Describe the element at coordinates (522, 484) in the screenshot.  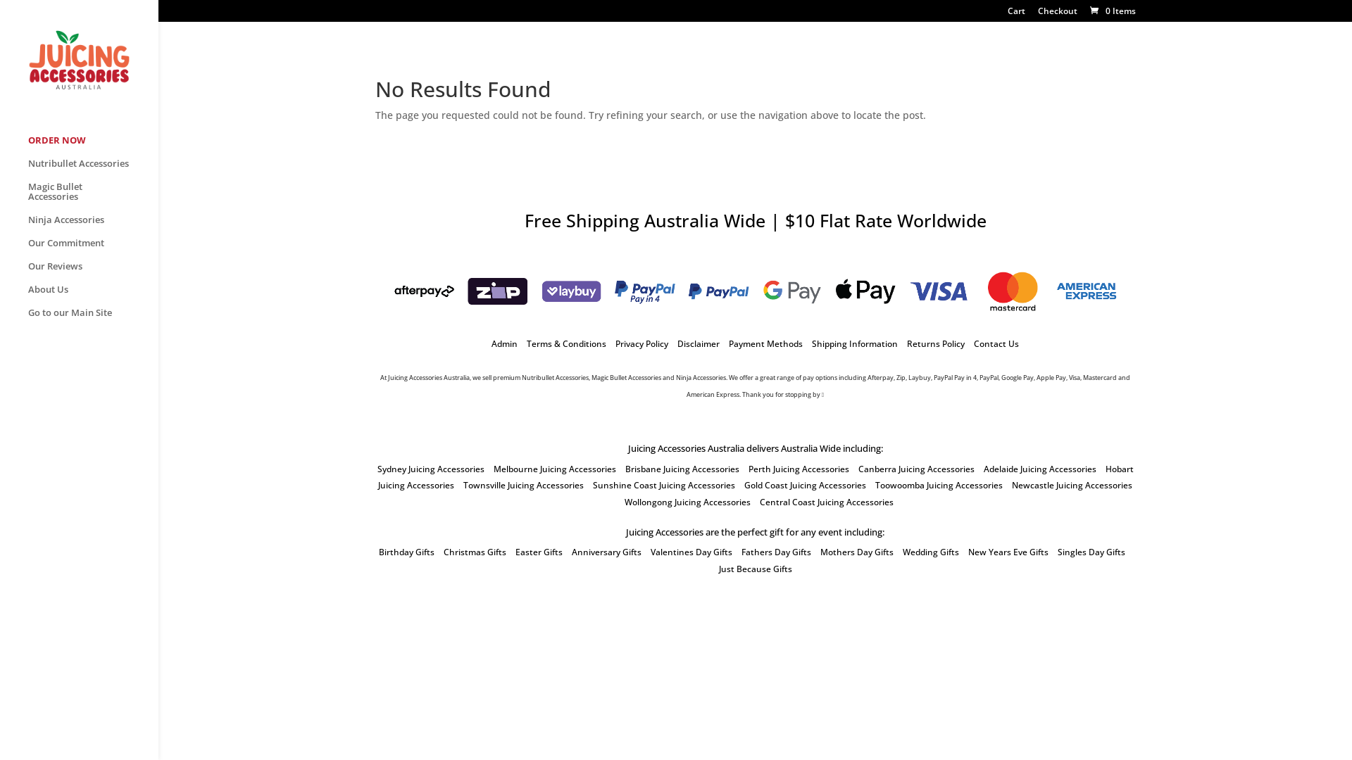
I see `'Townsville Juicing Accessories'` at that location.